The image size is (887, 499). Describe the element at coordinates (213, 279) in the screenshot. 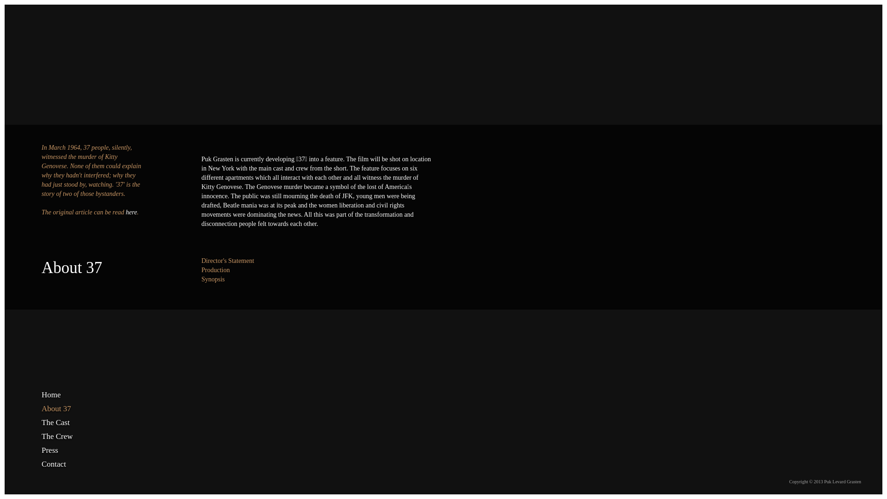

I see `'Synopsis'` at that location.